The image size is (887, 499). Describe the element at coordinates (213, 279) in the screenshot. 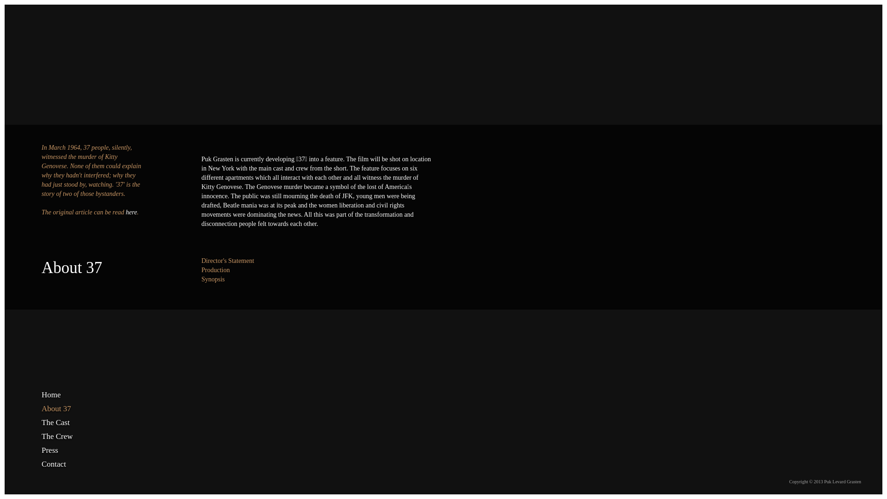

I see `'Synopsis'` at that location.